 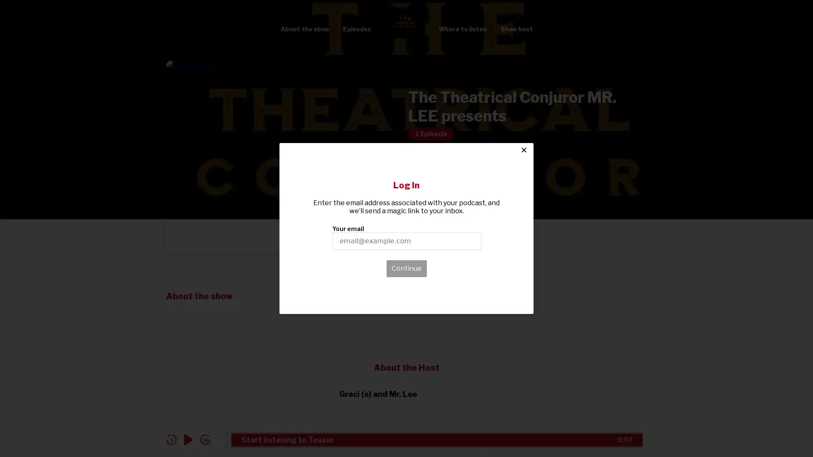 What do you see at coordinates (188, 439) in the screenshot?
I see `play audio` at bounding box center [188, 439].